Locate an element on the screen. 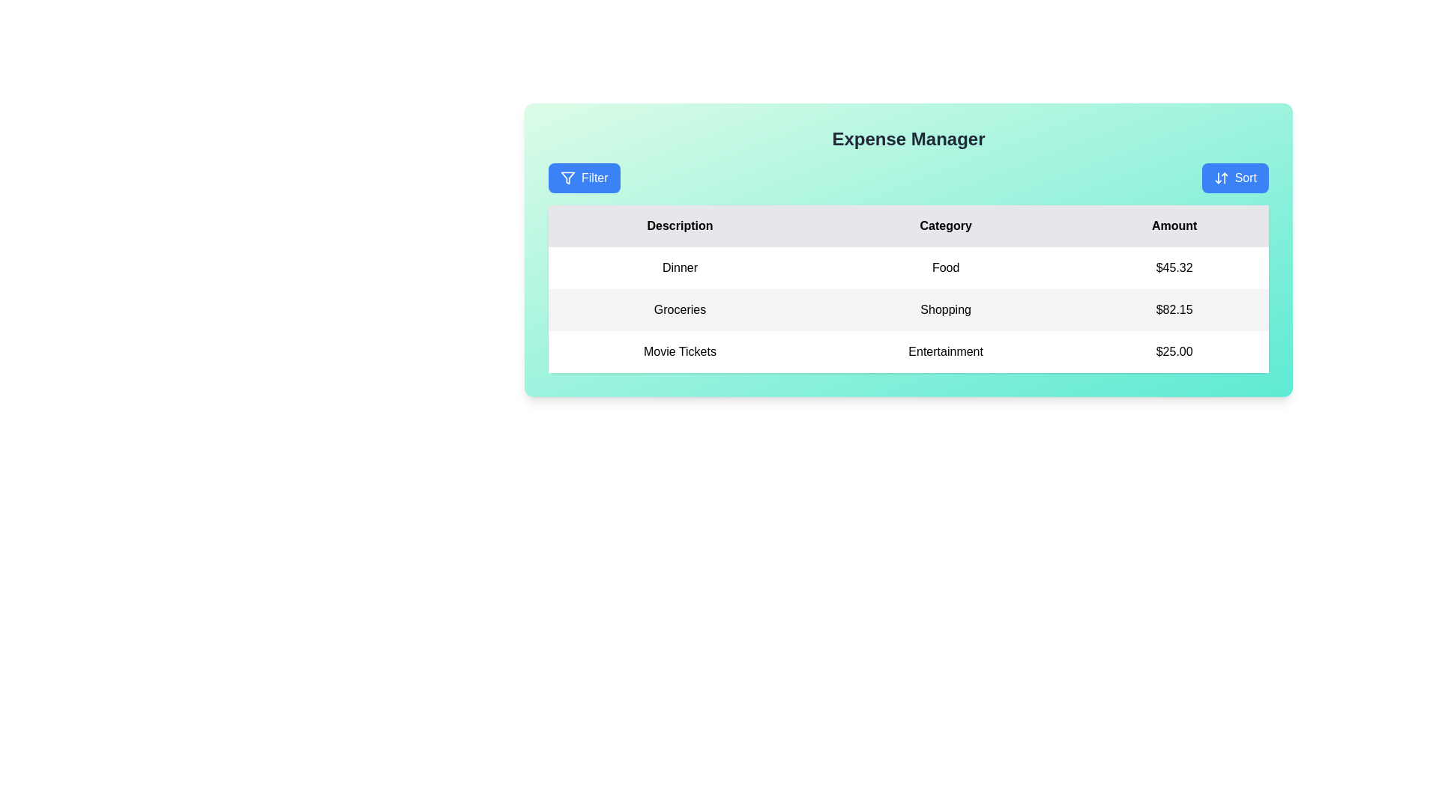 Image resolution: width=1439 pixels, height=809 pixels. appearance of the filter icon located to the left of the text inside the 'Filter' button at the top-left corner of the content area is located at coordinates (567, 178).